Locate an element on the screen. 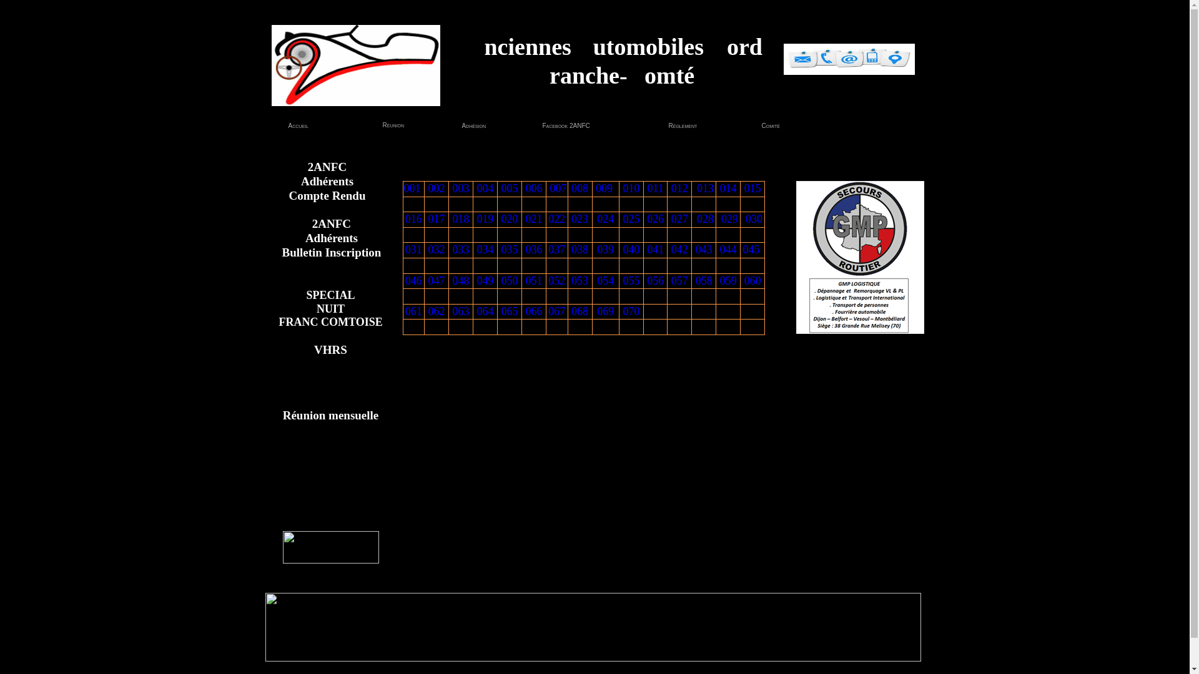 This screenshot has width=1199, height=674. 'Accueil' is located at coordinates (289, 125).